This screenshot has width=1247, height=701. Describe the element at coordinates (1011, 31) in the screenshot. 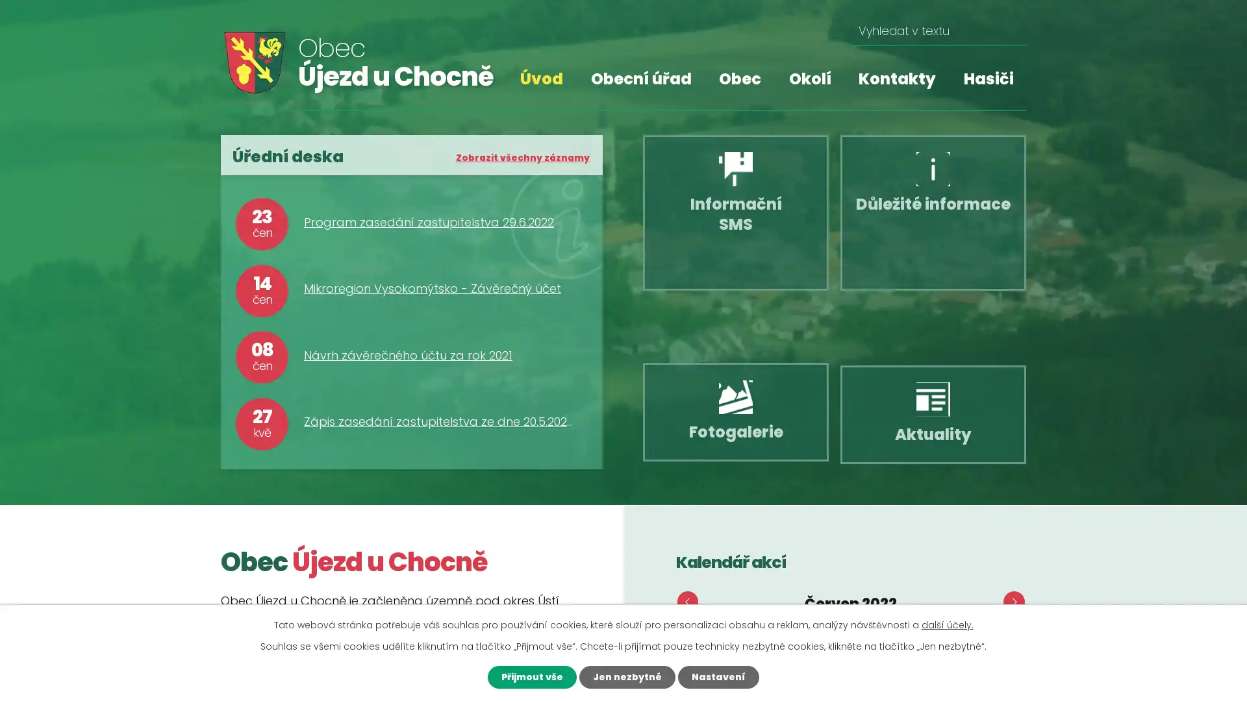

I see `Hledat` at that location.